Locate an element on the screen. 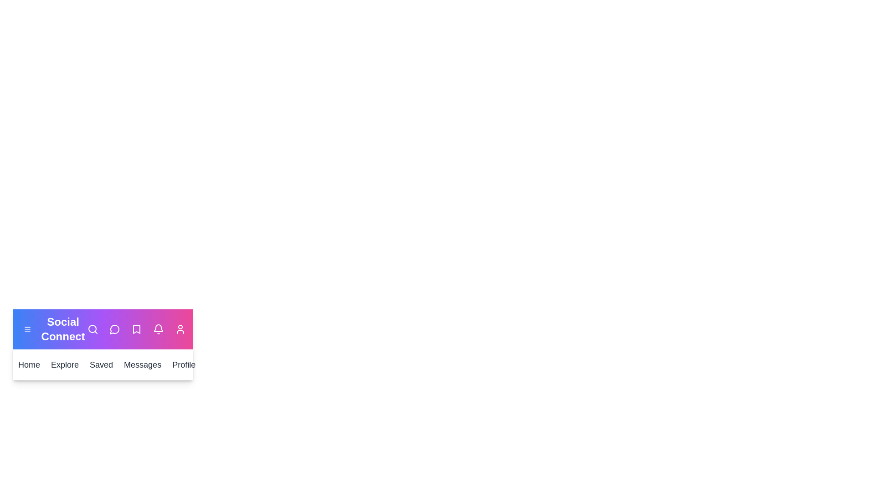  the Home button to navigate to the Home section is located at coordinates (29, 364).